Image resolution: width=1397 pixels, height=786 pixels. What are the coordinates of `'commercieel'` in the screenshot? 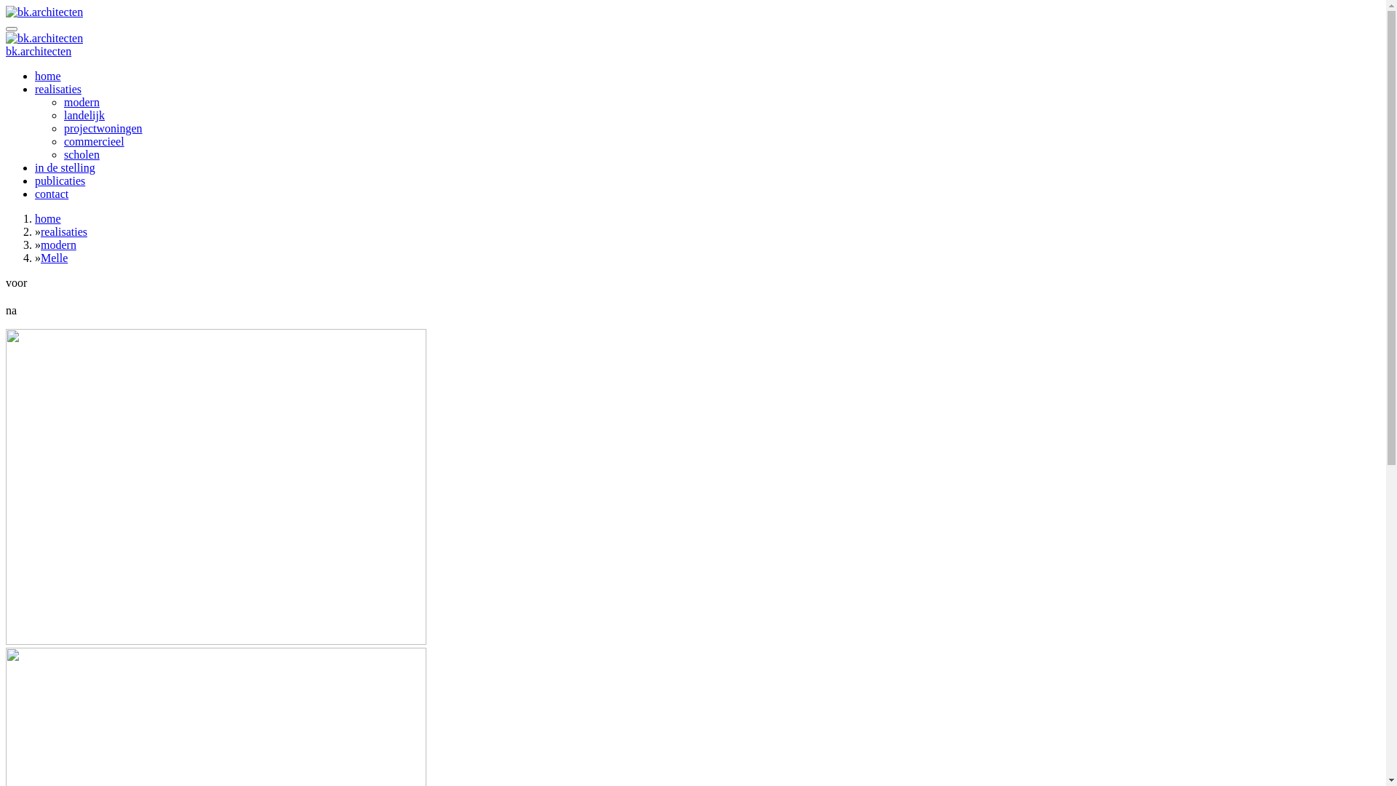 It's located at (93, 141).